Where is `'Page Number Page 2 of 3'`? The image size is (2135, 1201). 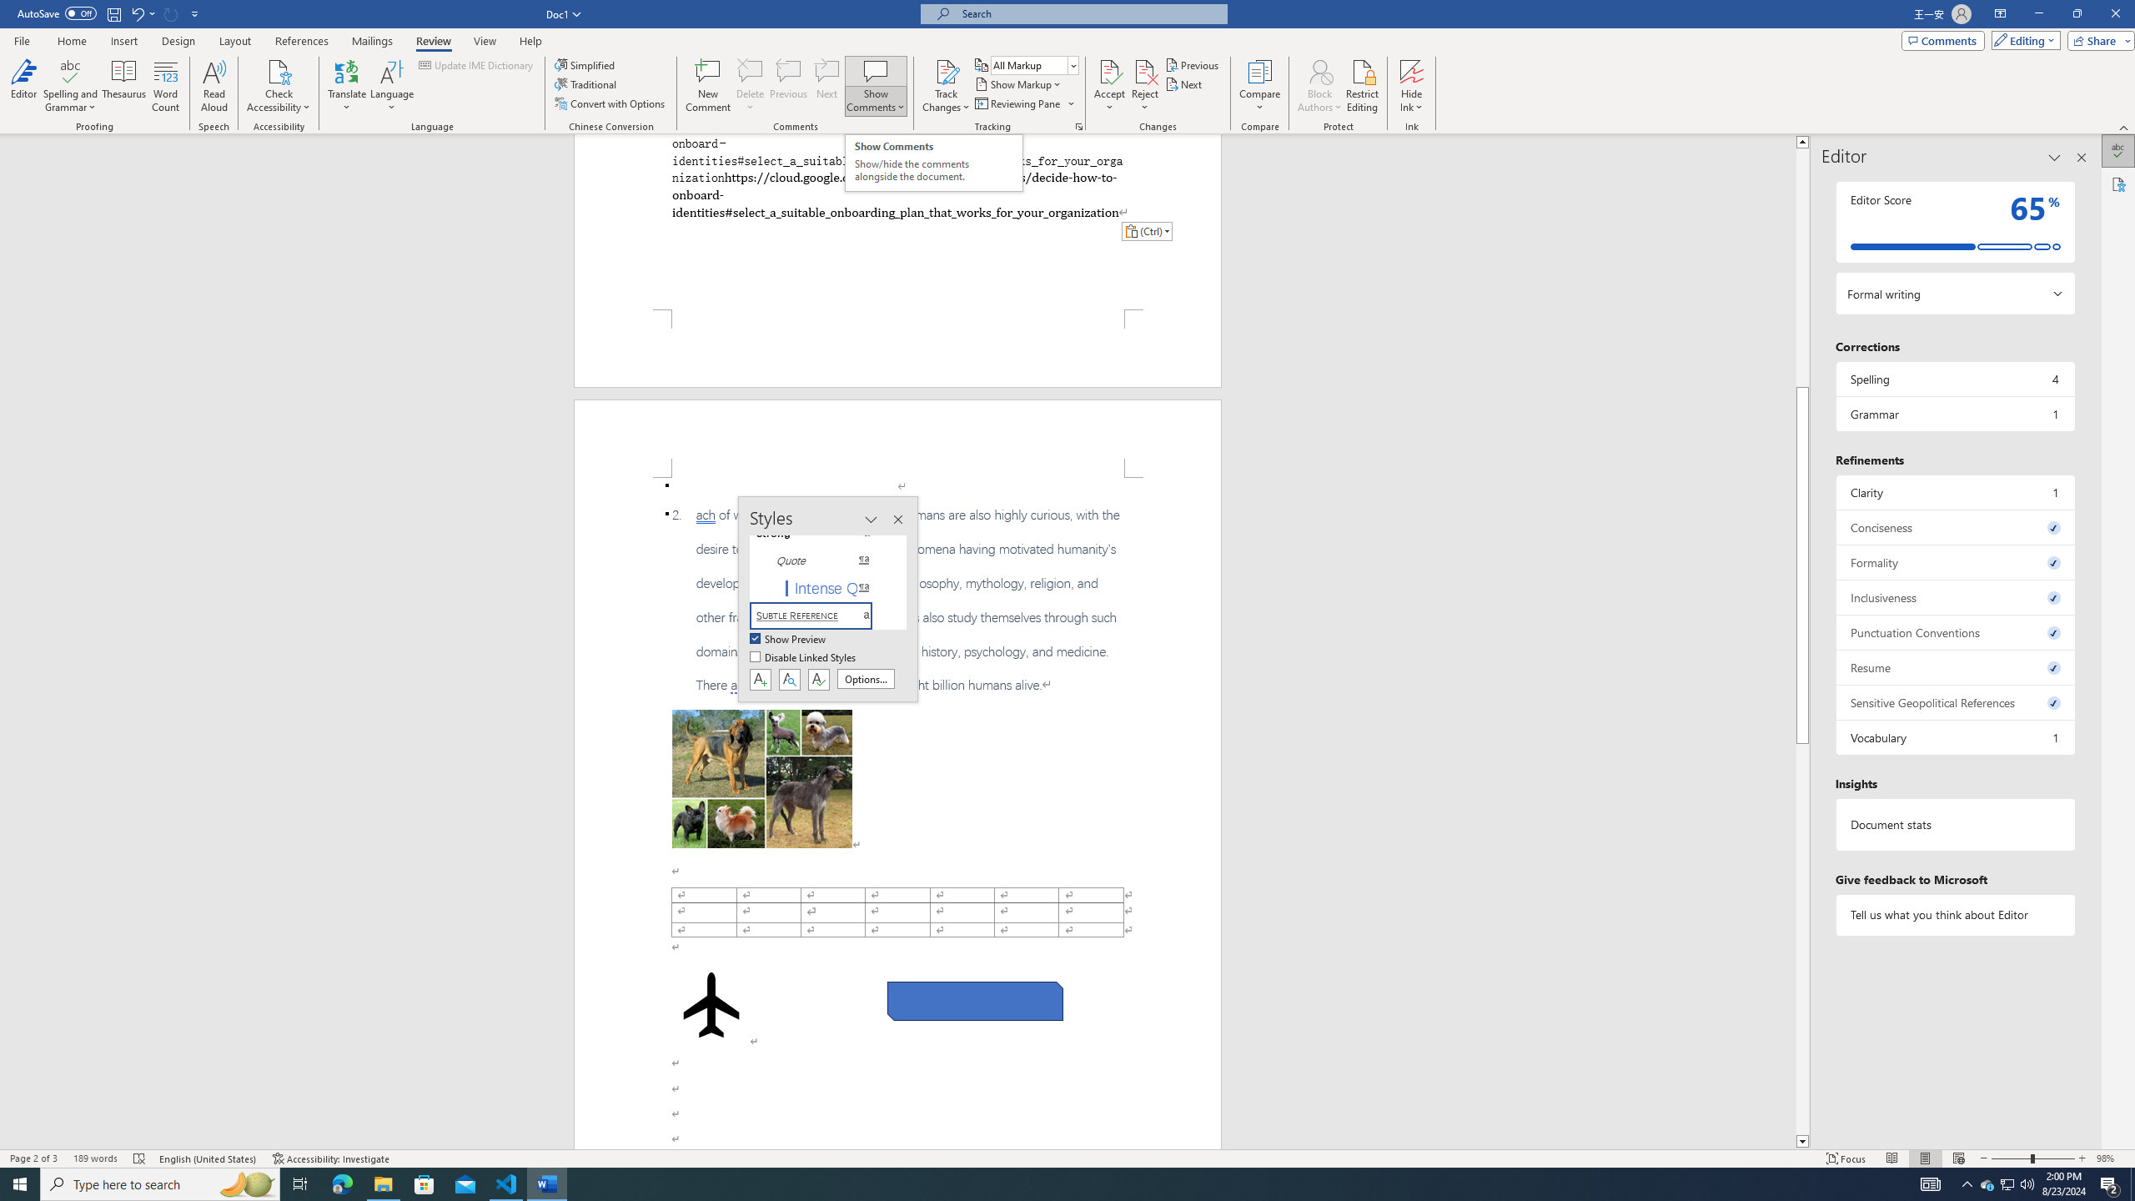 'Page Number Page 2 of 3' is located at coordinates (33, 1158).